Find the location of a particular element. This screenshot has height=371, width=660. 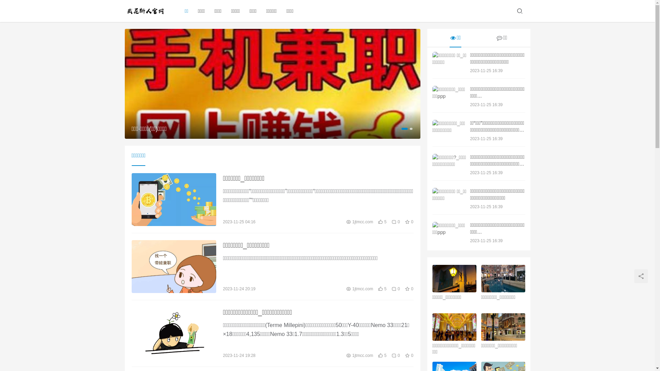

'0' is located at coordinates (396, 222).